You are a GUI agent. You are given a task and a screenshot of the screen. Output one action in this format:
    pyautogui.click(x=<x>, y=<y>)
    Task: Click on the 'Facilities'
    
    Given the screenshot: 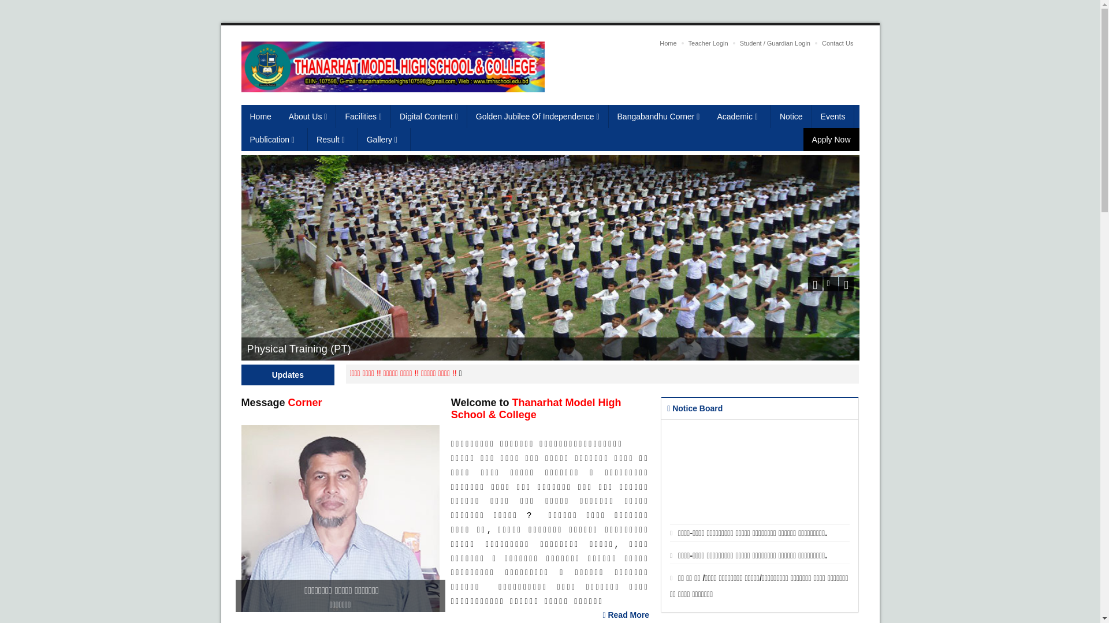 What is the action you would take?
    pyautogui.click(x=335, y=116)
    